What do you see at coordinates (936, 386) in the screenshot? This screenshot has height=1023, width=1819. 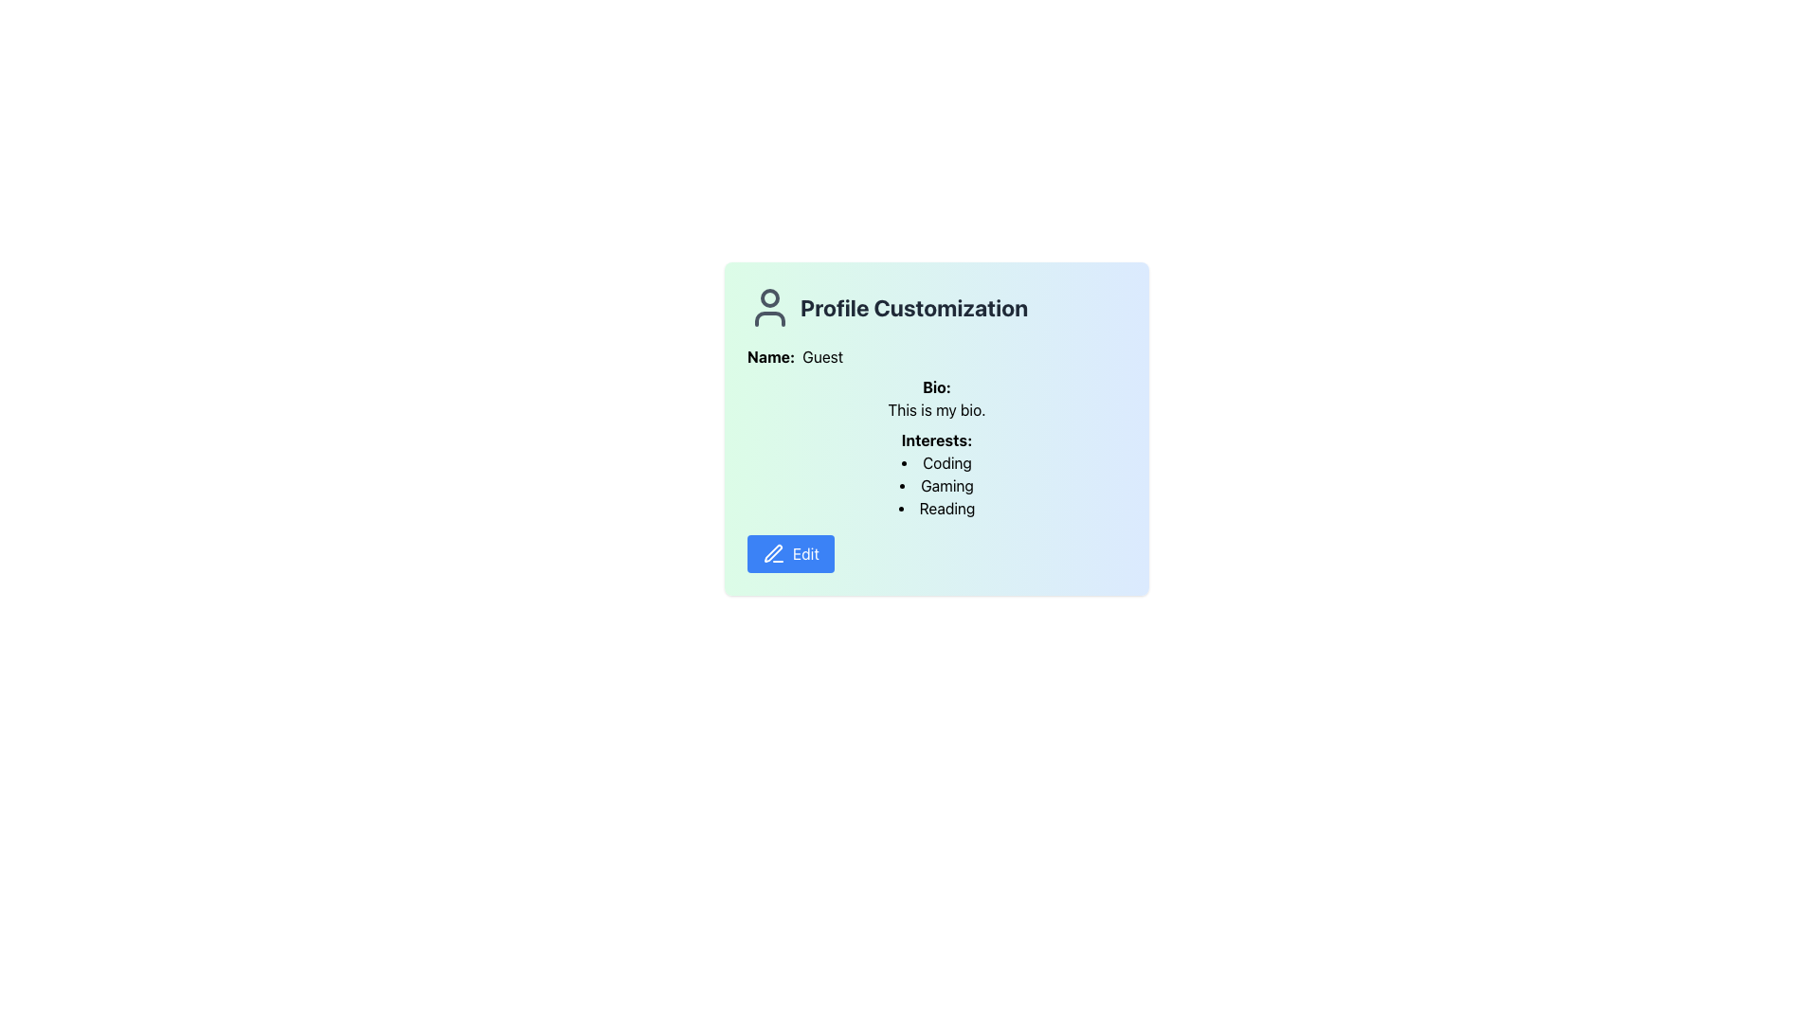 I see `the text label that serves as a heading for the user's bio, positioned above the text 'This is my bio' in the profile customization section` at bounding box center [936, 386].